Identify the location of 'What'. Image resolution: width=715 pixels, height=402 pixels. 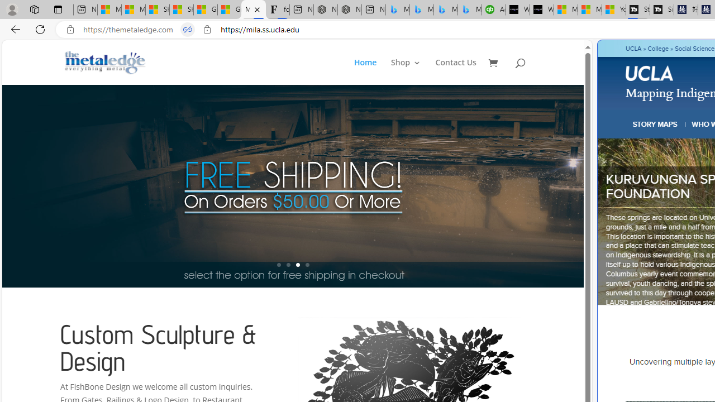
(541, 9).